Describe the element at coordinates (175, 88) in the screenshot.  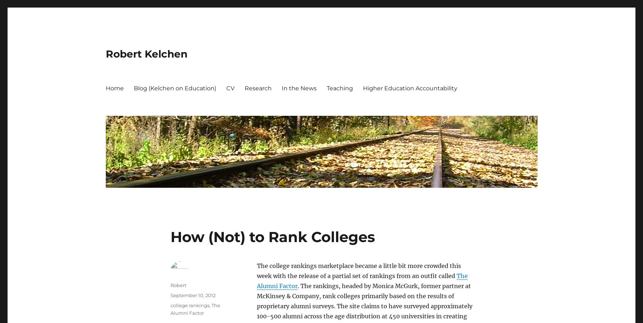
I see `'Blog (Kelchen on Education)'` at that location.